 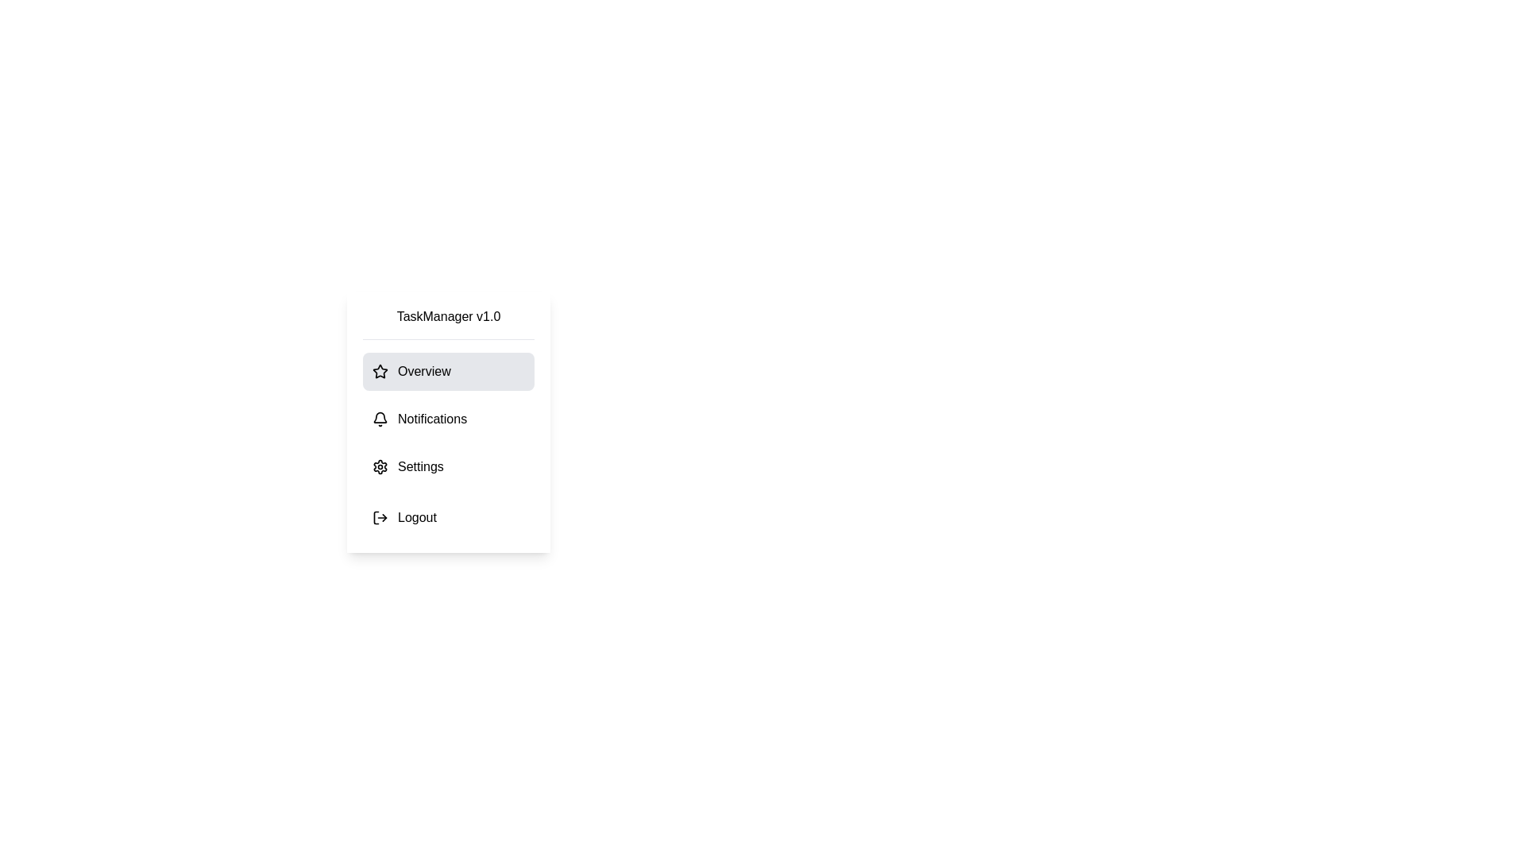 I want to click on the settings button, which is the third item in the vertical menu located between 'Notifications' and 'Logout', so click(x=448, y=466).